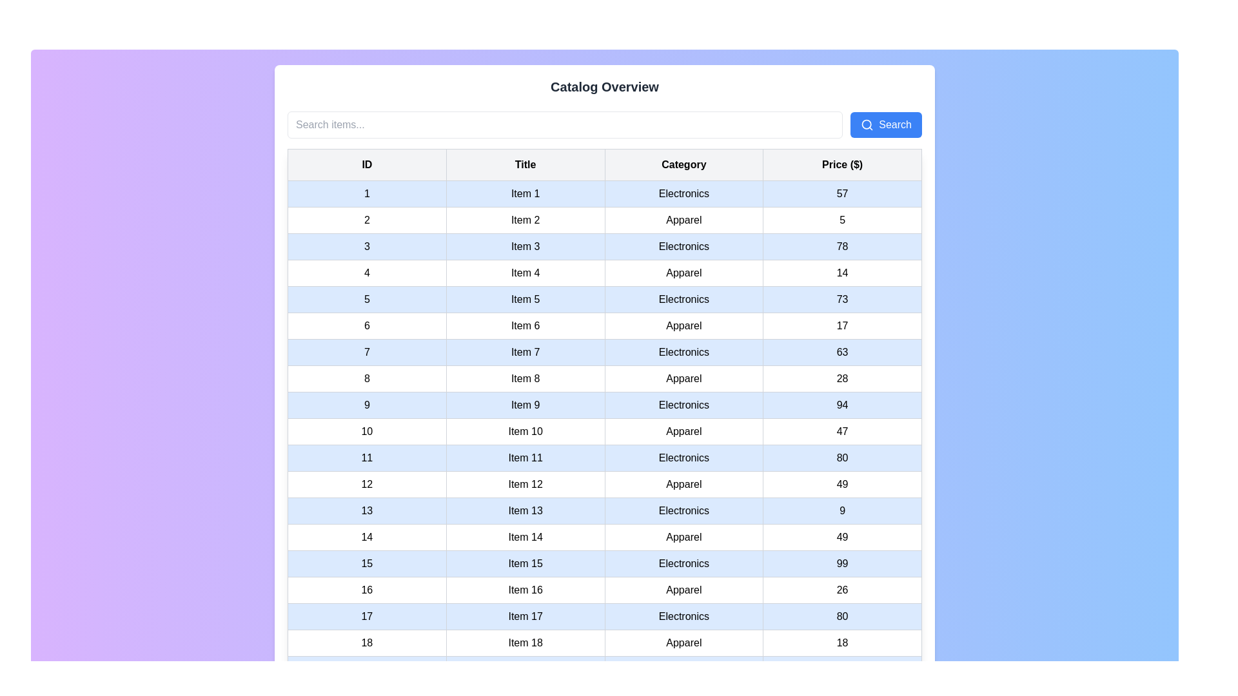 This screenshot has height=696, width=1238. I want to click on the text label displaying 'Item 7', which has a white background and thin gray border, located in the second column of the 7th row of a table, positioned between '7' and 'Electronics', so click(526, 353).